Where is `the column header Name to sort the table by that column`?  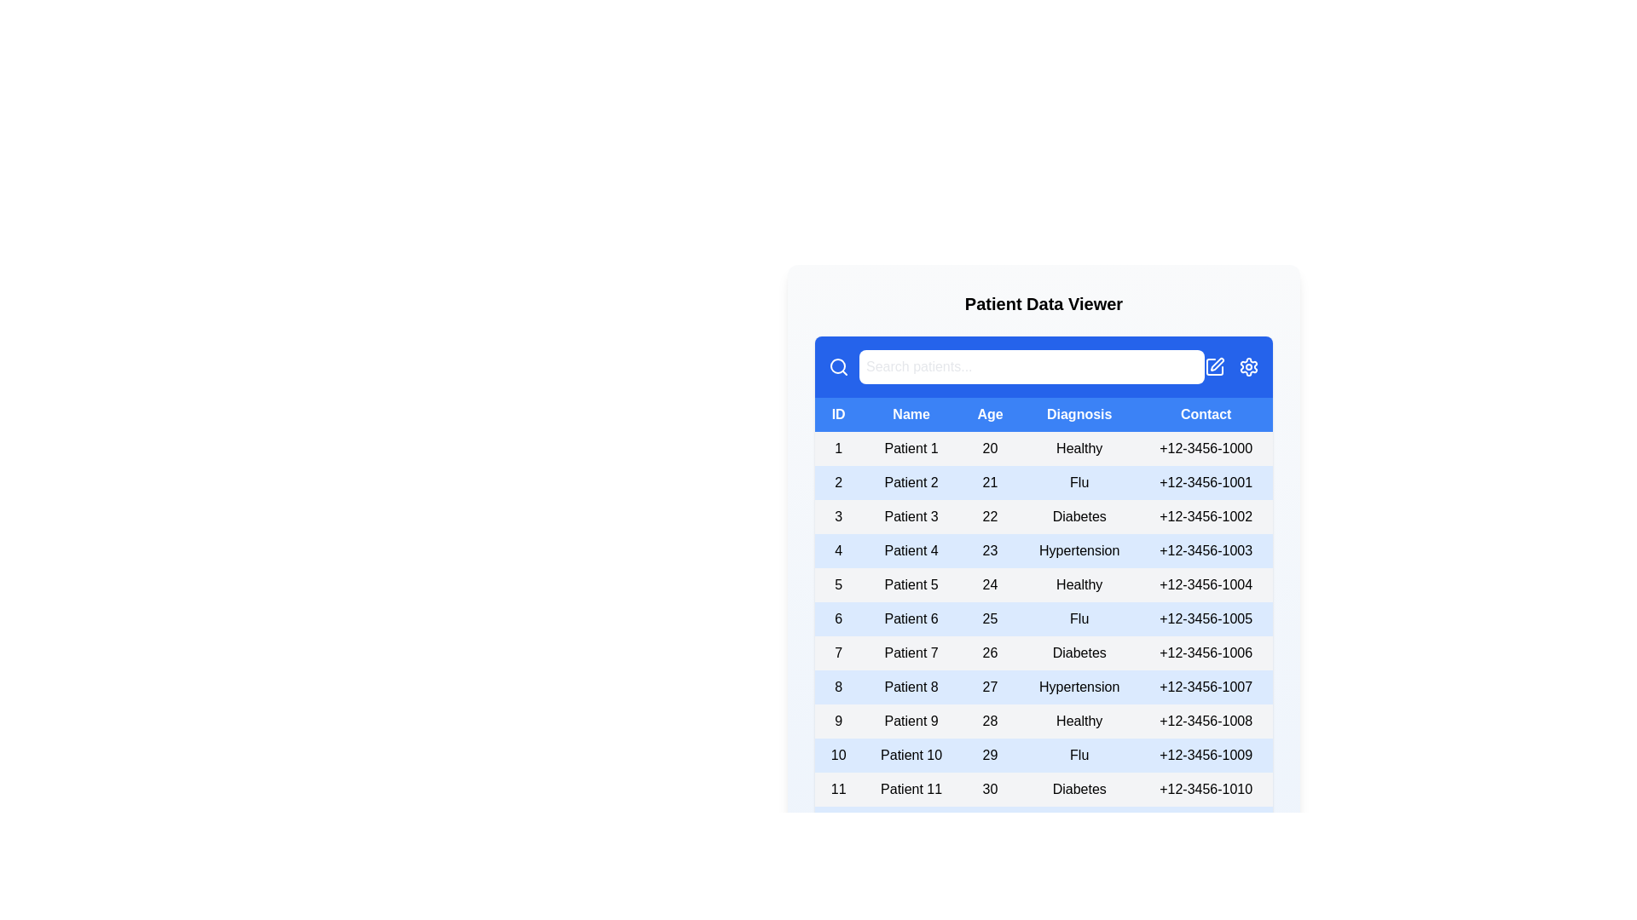
the column header Name to sort the table by that column is located at coordinates (911, 414).